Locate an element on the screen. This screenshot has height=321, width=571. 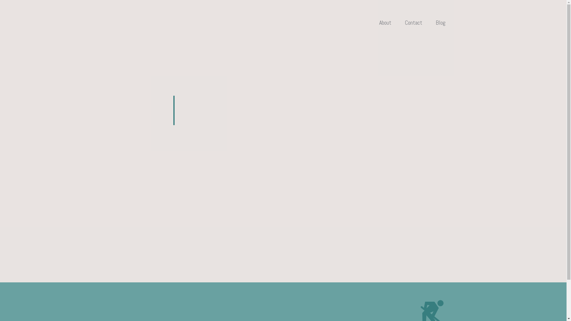
'Contact' is located at coordinates (404, 22).